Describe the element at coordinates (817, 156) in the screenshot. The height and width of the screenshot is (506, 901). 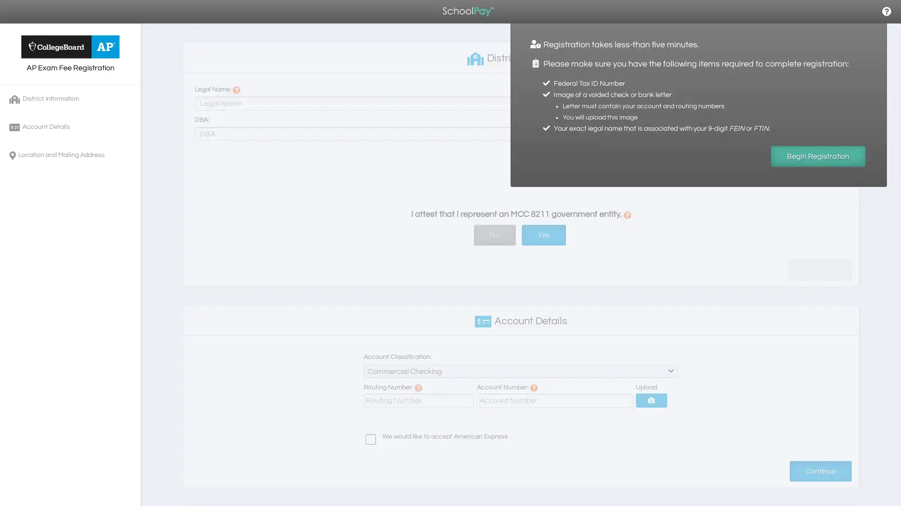
I see `Begin Registration` at that location.